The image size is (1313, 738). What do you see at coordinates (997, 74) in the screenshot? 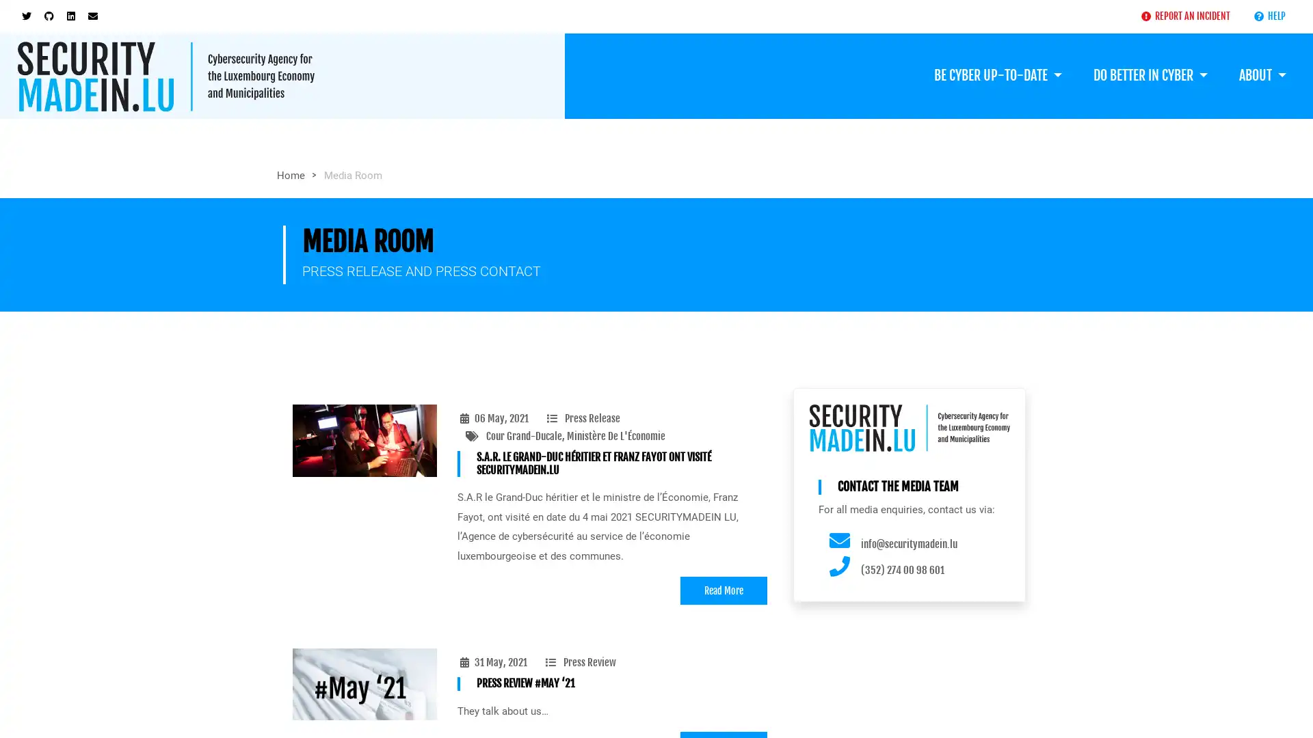
I see `BE CYBER UP-TO-DATE` at bounding box center [997, 74].